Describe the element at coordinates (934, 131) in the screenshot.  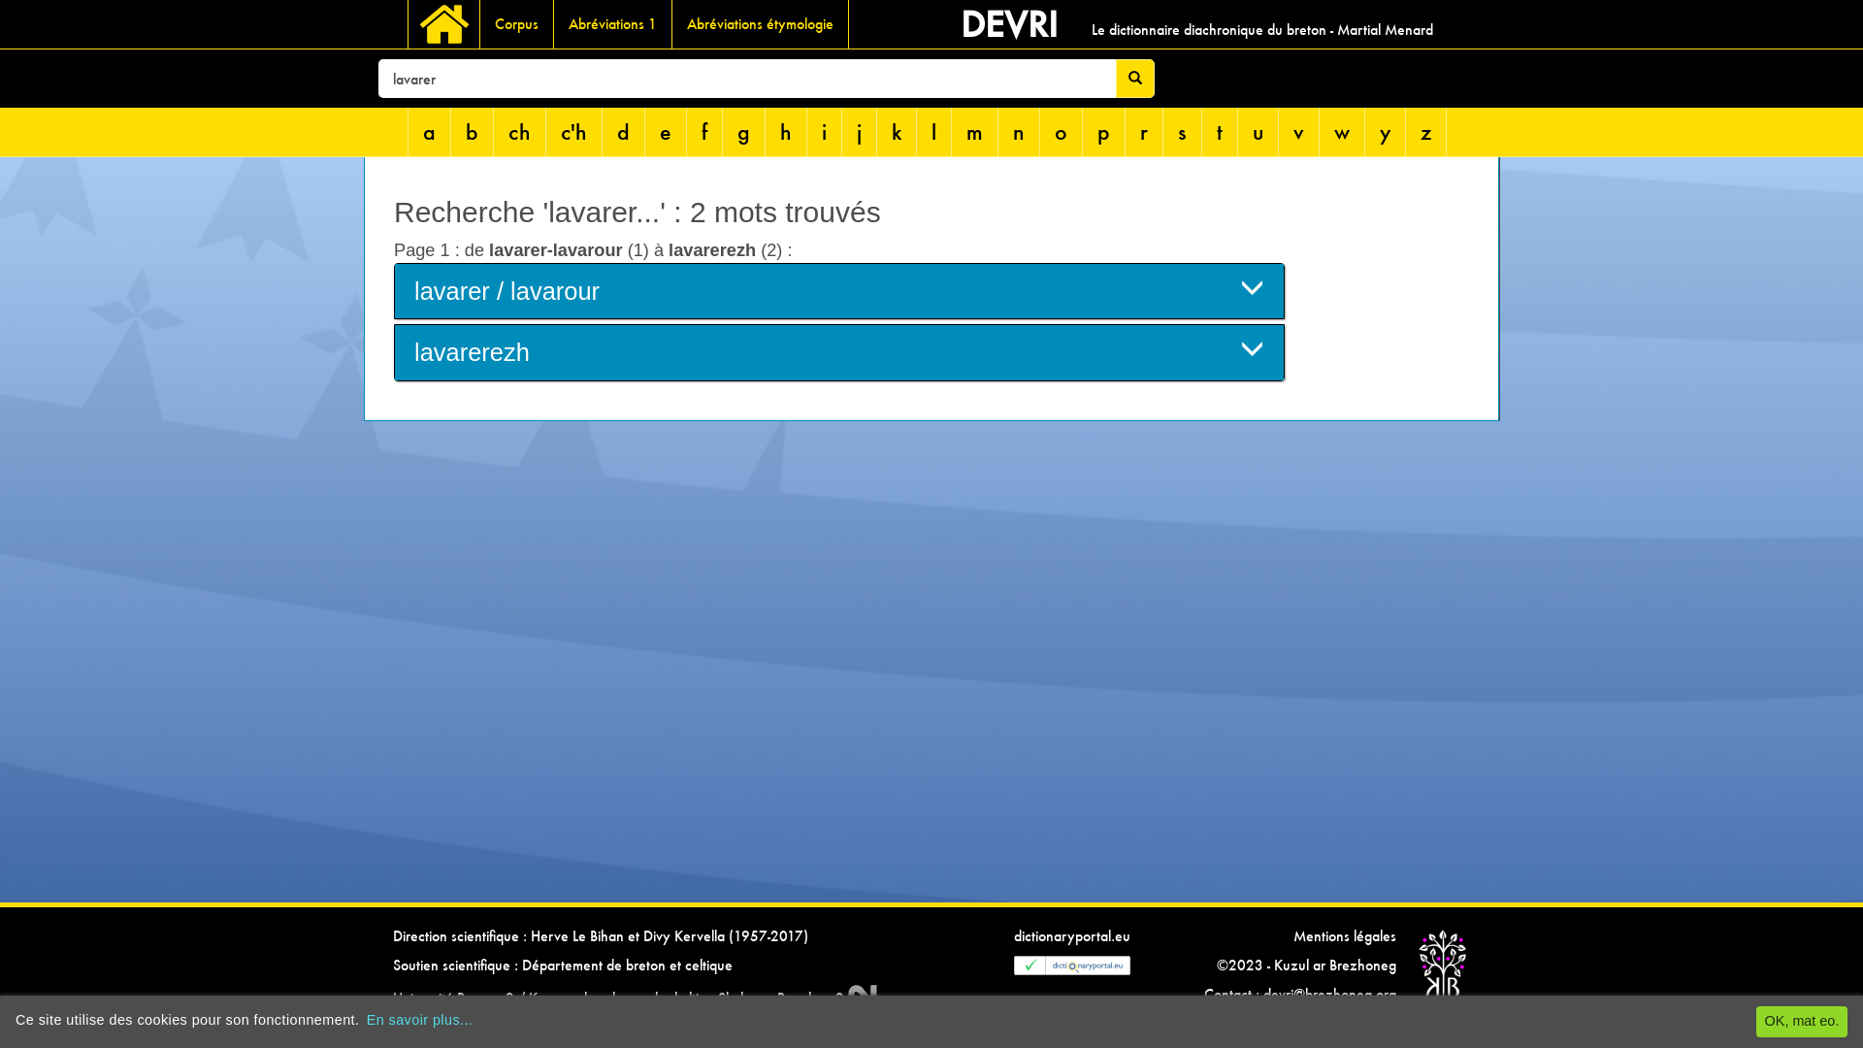
I see `'l'` at that location.